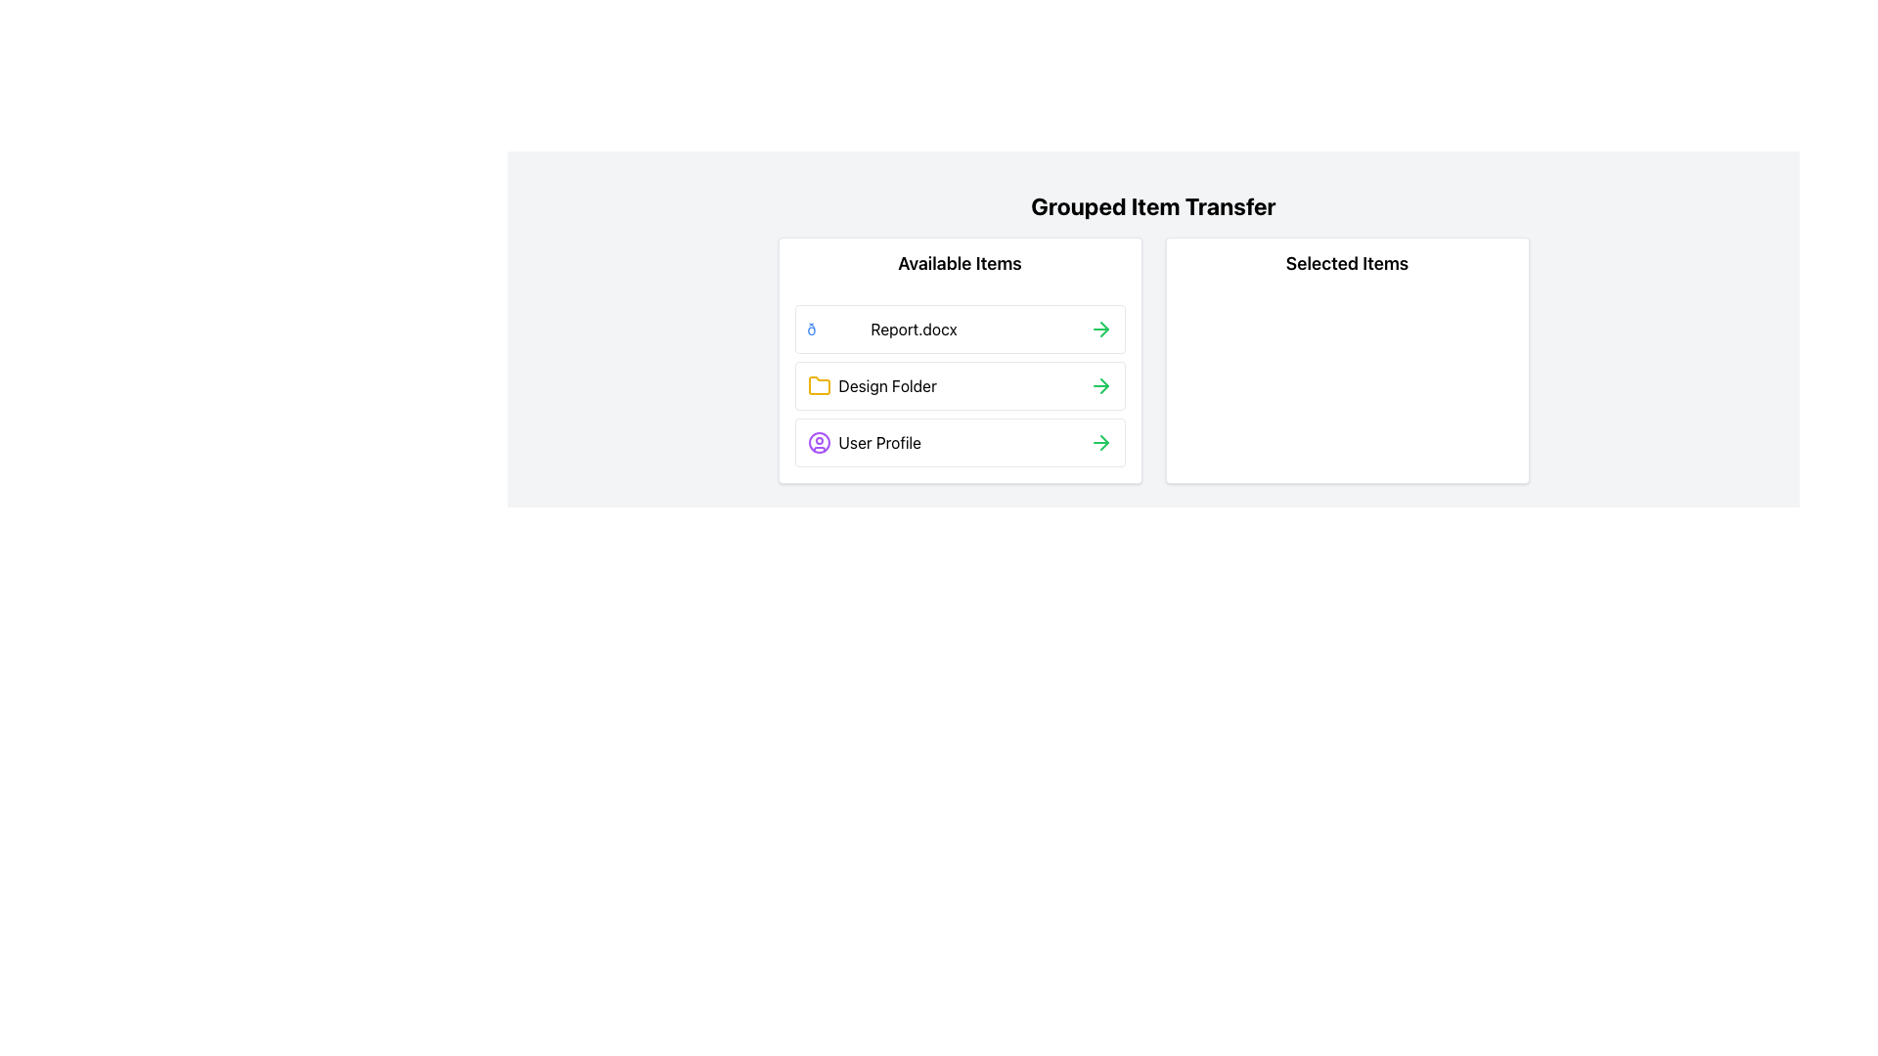 The width and height of the screenshot is (1878, 1056). Describe the element at coordinates (960, 264) in the screenshot. I see `informational header text label that indicates 'Available Items', located at the top of the left panel` at that location.